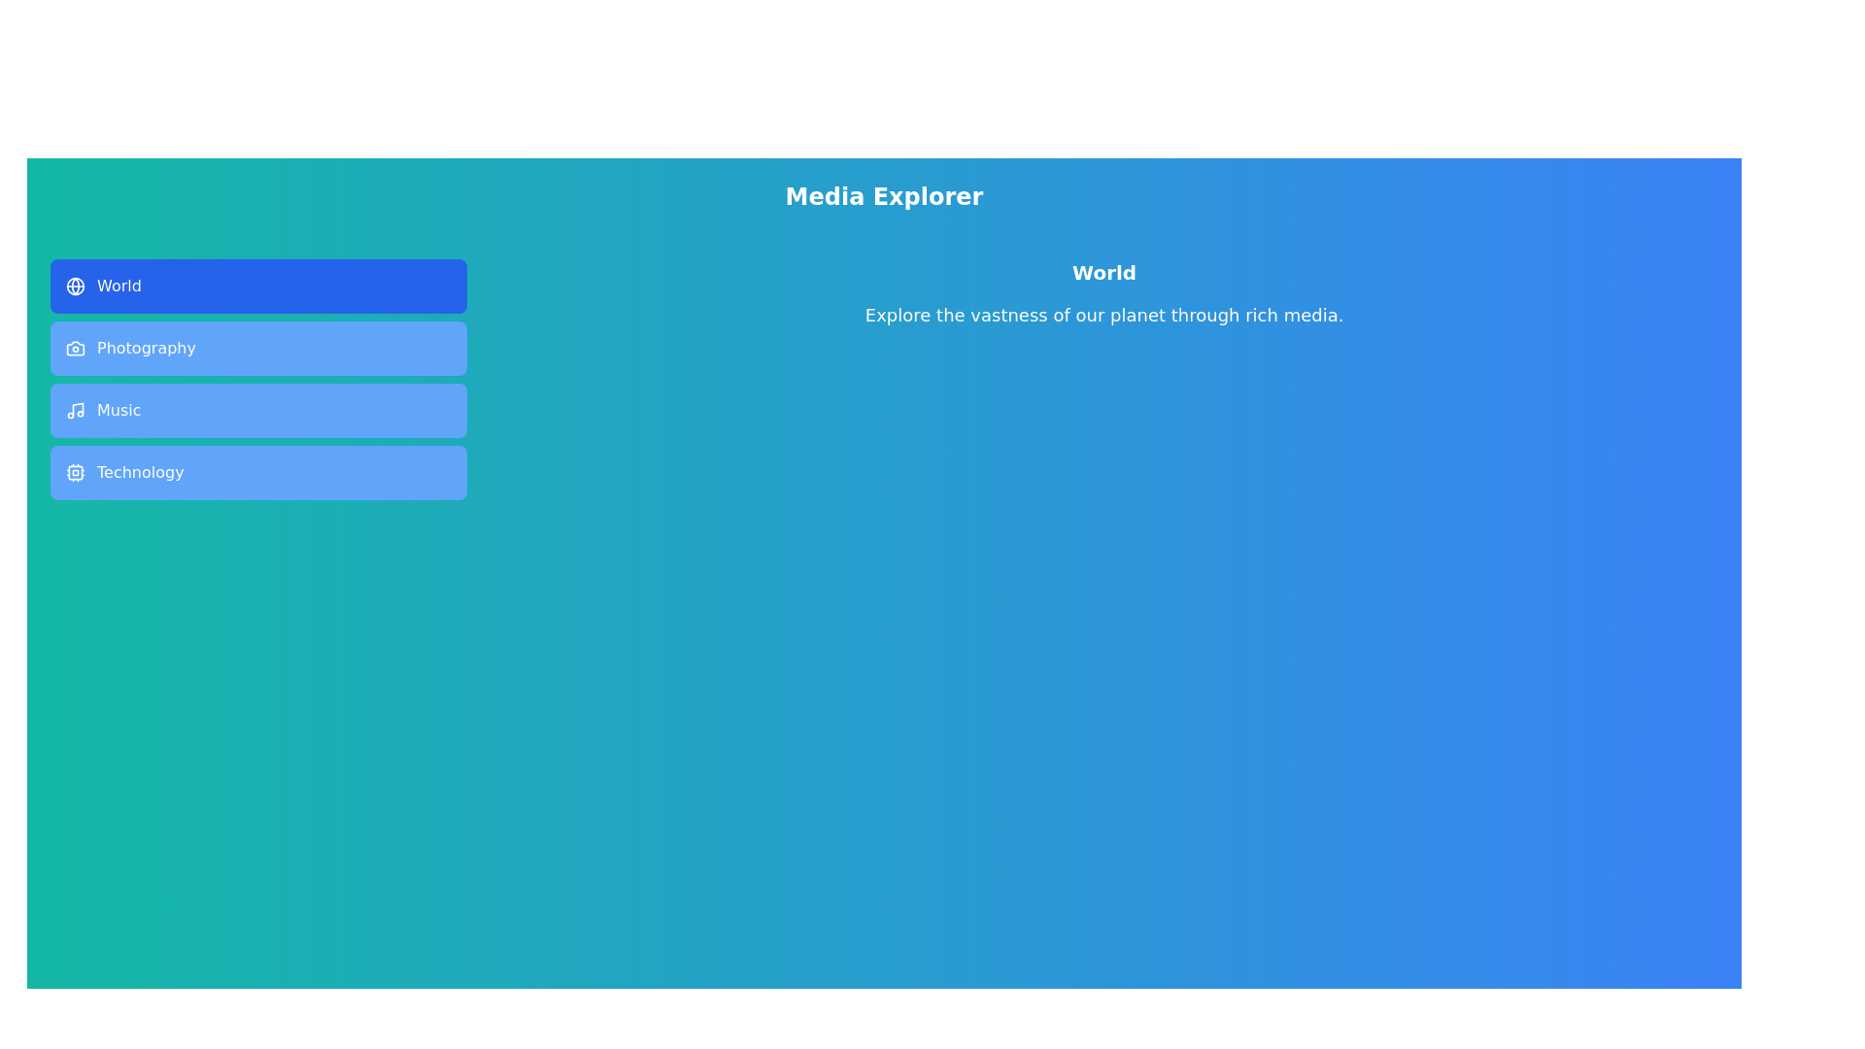 The height and width of the screenshot is (1049, 1865). What do you see at coordinates (257, 472) in the screenshot?
I see `the tab labeled 'Technology'` at bounding box center [257, 472].